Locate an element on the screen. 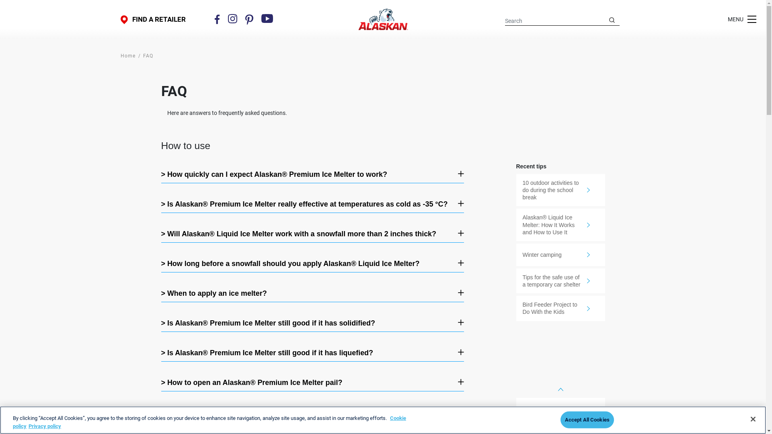  'Accept All Cookies' is located at coordinates (587, 420).